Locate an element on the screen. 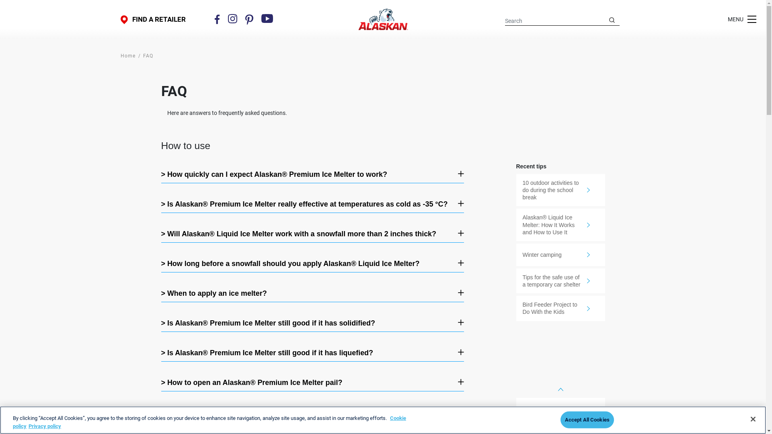  'Accept All Cookies' is located at coordinates (587, 420).